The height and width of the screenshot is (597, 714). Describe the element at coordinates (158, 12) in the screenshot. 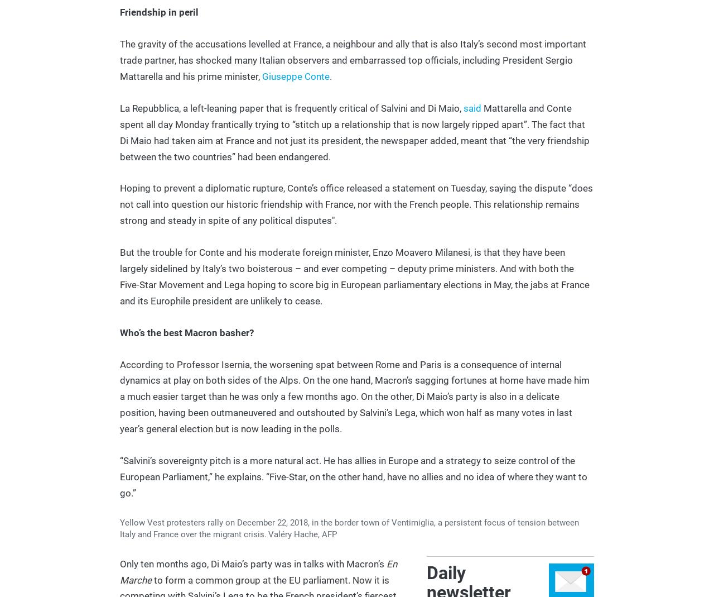

I see `'Friendship in peril'` at that location.